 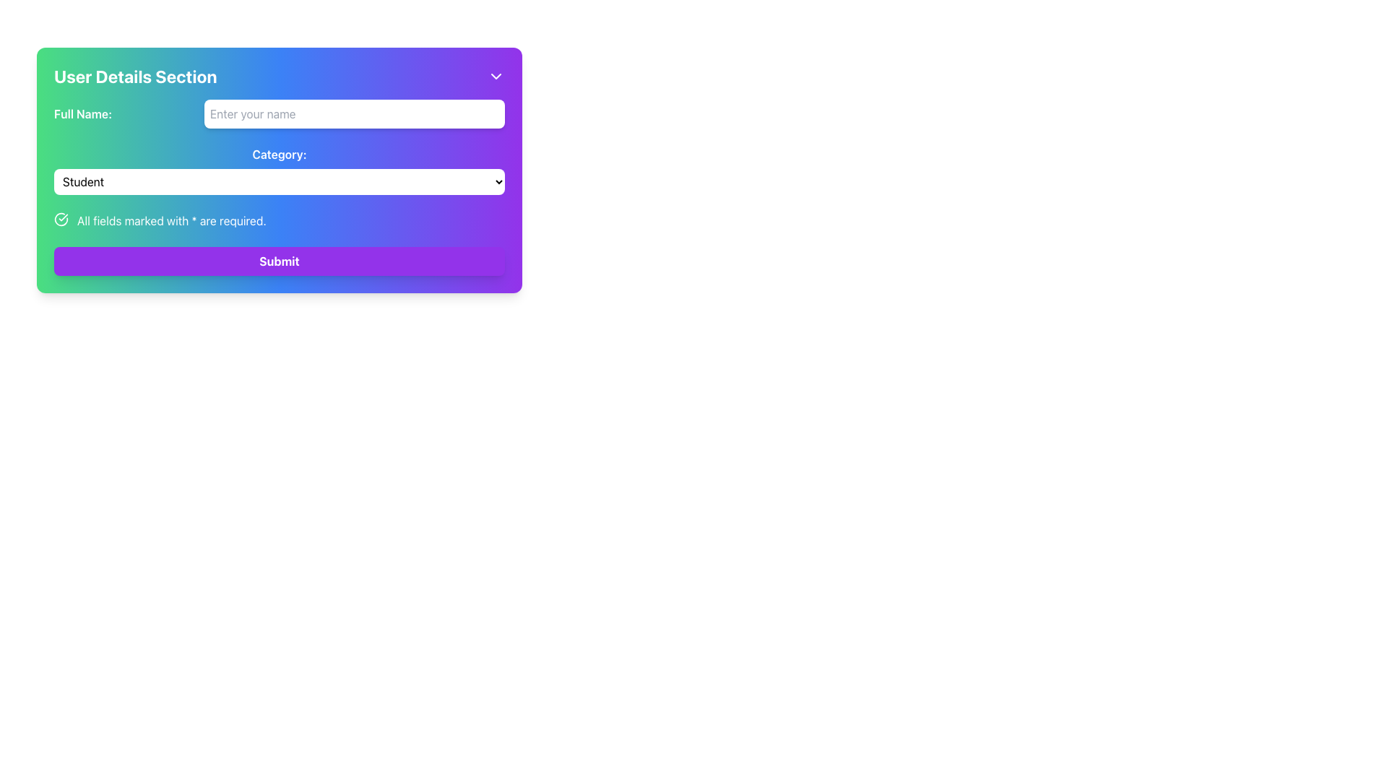 I want to click on the toggle icon located at the top-right corner of the 'User Details Section' header, so click(x=496, y=76).